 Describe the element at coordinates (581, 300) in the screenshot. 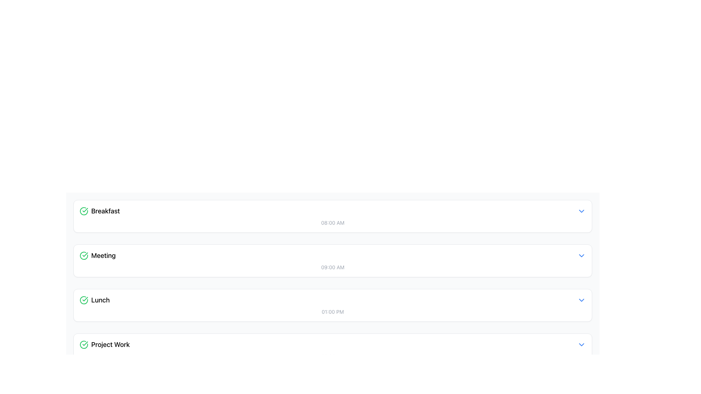

I see `the toggle button located` at that location.